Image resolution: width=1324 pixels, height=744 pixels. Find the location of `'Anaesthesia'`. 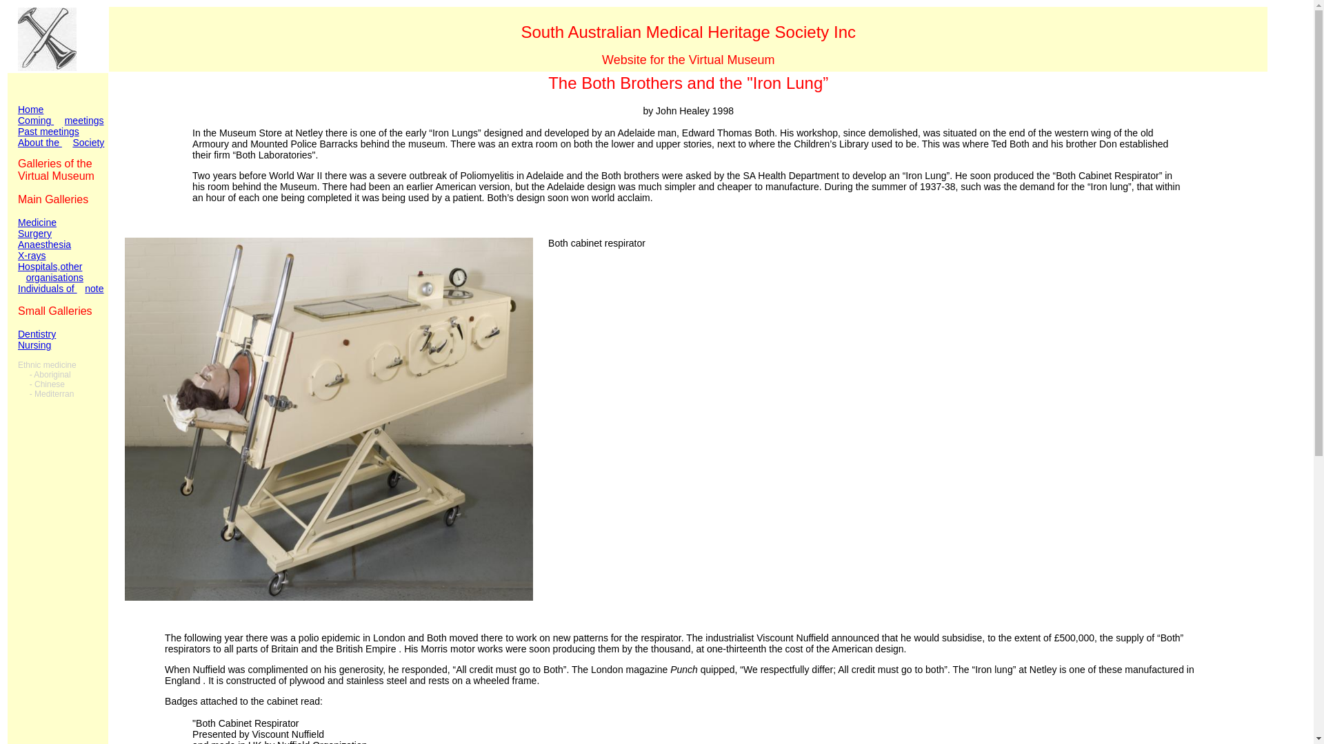

'Anaesthesia' is located at coordinates (17, 243).